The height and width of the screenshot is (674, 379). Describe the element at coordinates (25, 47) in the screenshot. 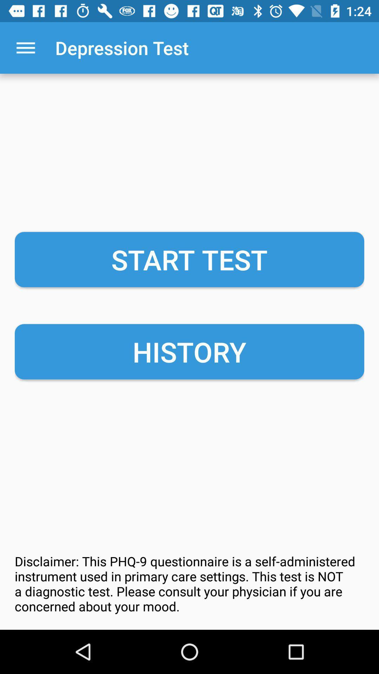

I see `the item next to depression test icon` at that location.